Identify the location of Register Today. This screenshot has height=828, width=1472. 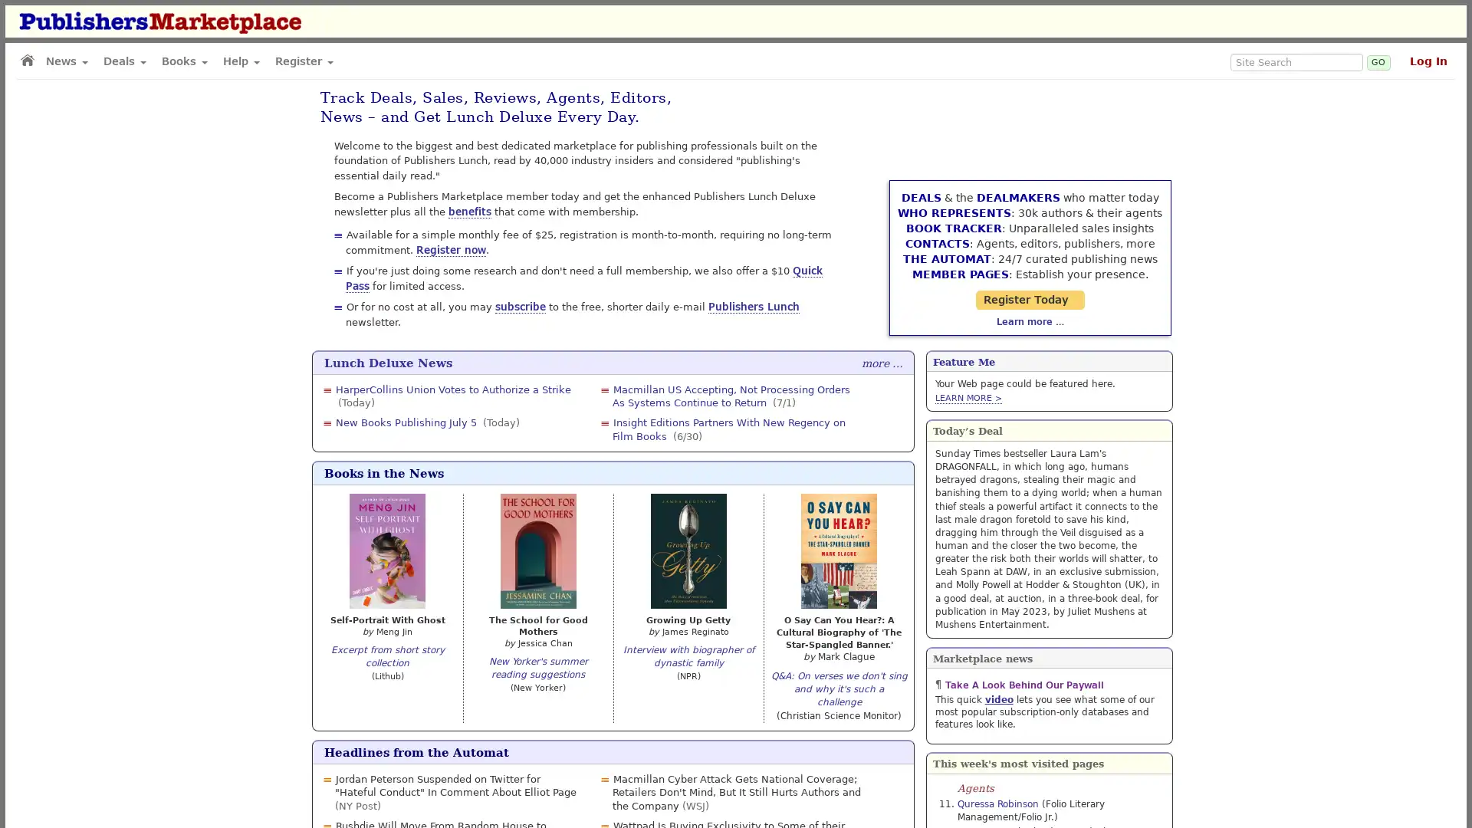
(1048, 268).